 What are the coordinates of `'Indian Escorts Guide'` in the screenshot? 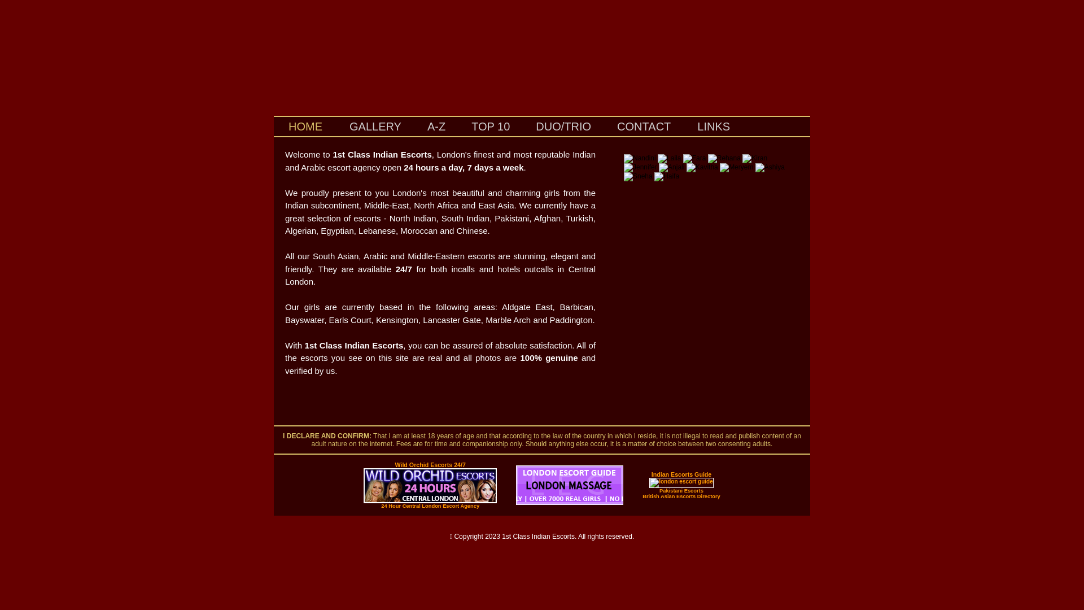 It's located at (681, 474).